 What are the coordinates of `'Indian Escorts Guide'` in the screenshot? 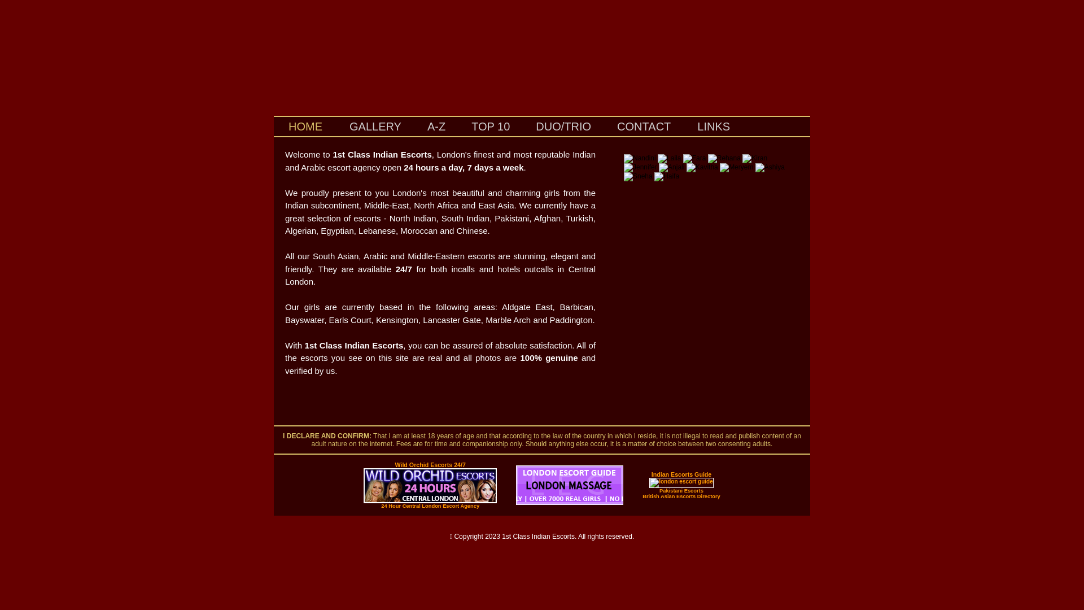 It's located at (681, 474).